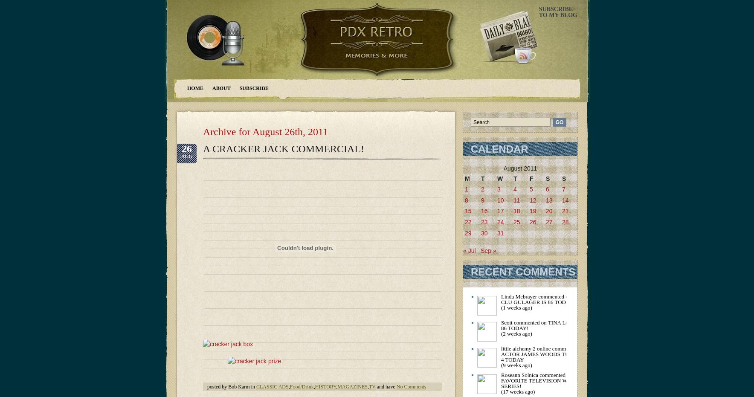 This screenshot has height=397, width=754. What do you see at coordinates (565, 221) in the screenshot?
I see `'28'` at bounding box center [565, 221].